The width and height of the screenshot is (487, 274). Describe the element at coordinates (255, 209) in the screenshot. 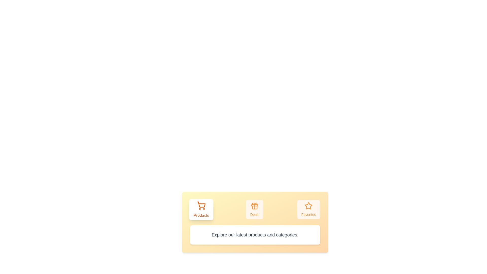

I see `the Deals tab by clicking on its button` at that location.